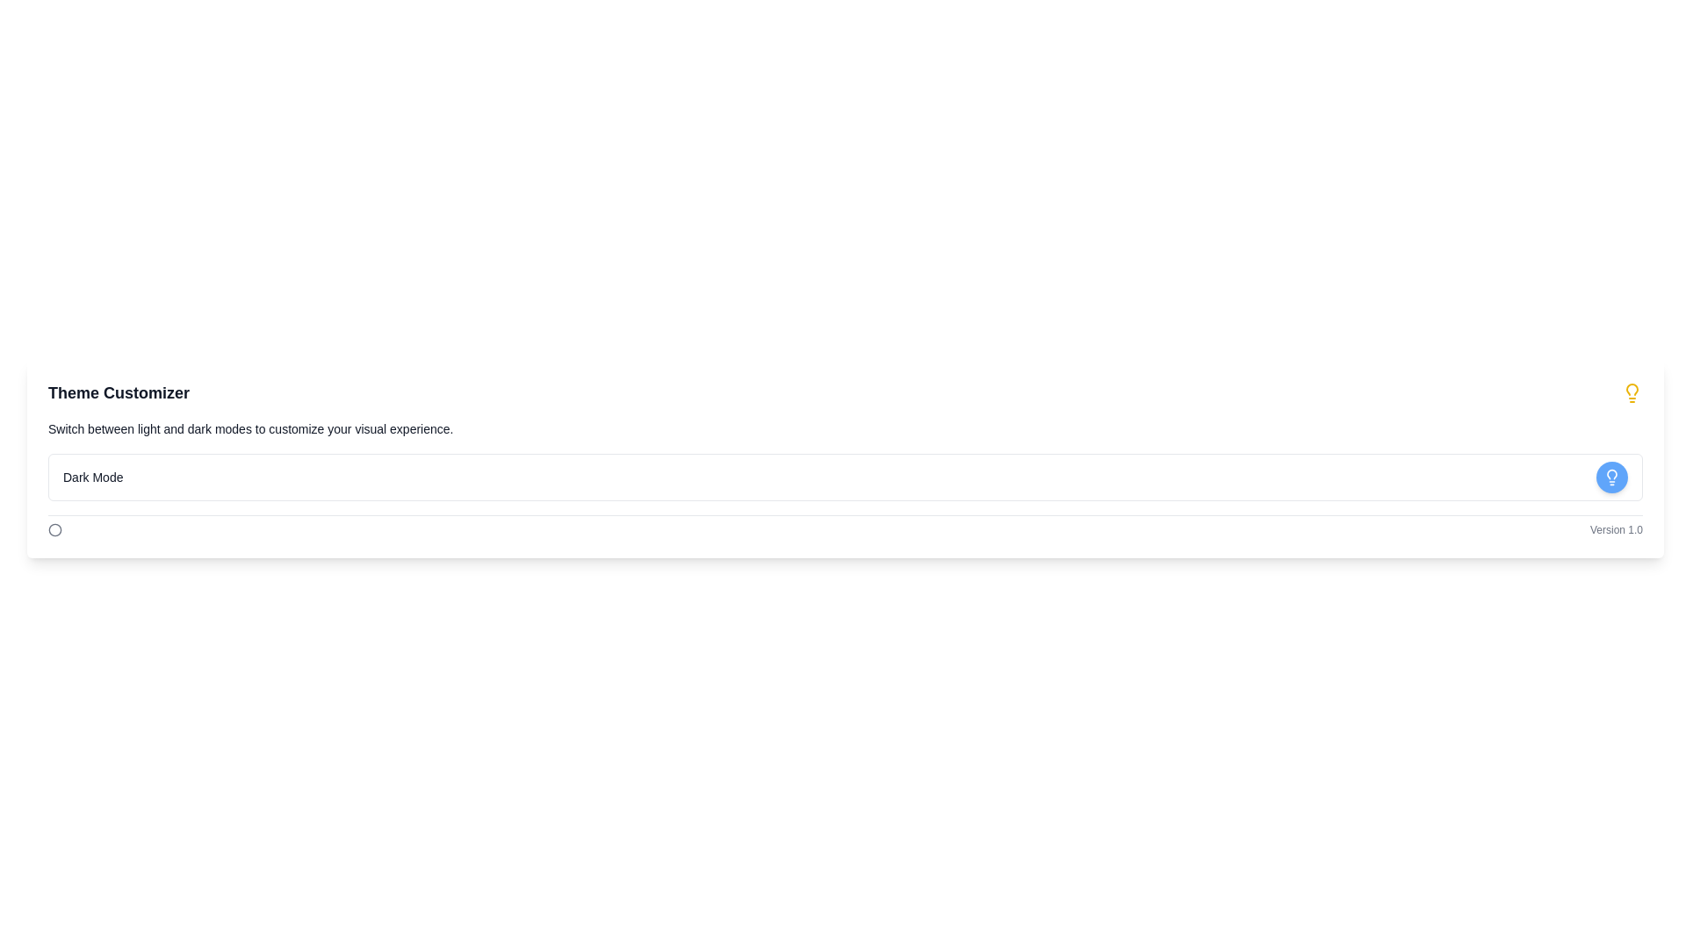 The image size is (1686, 948). What do you see at coordinates (1616, 528) in the screenshot?
I see `the informational Text Label indicating the version number of the software, located at the bottom-right corner of the interface` at bounding box center [1616, 528].